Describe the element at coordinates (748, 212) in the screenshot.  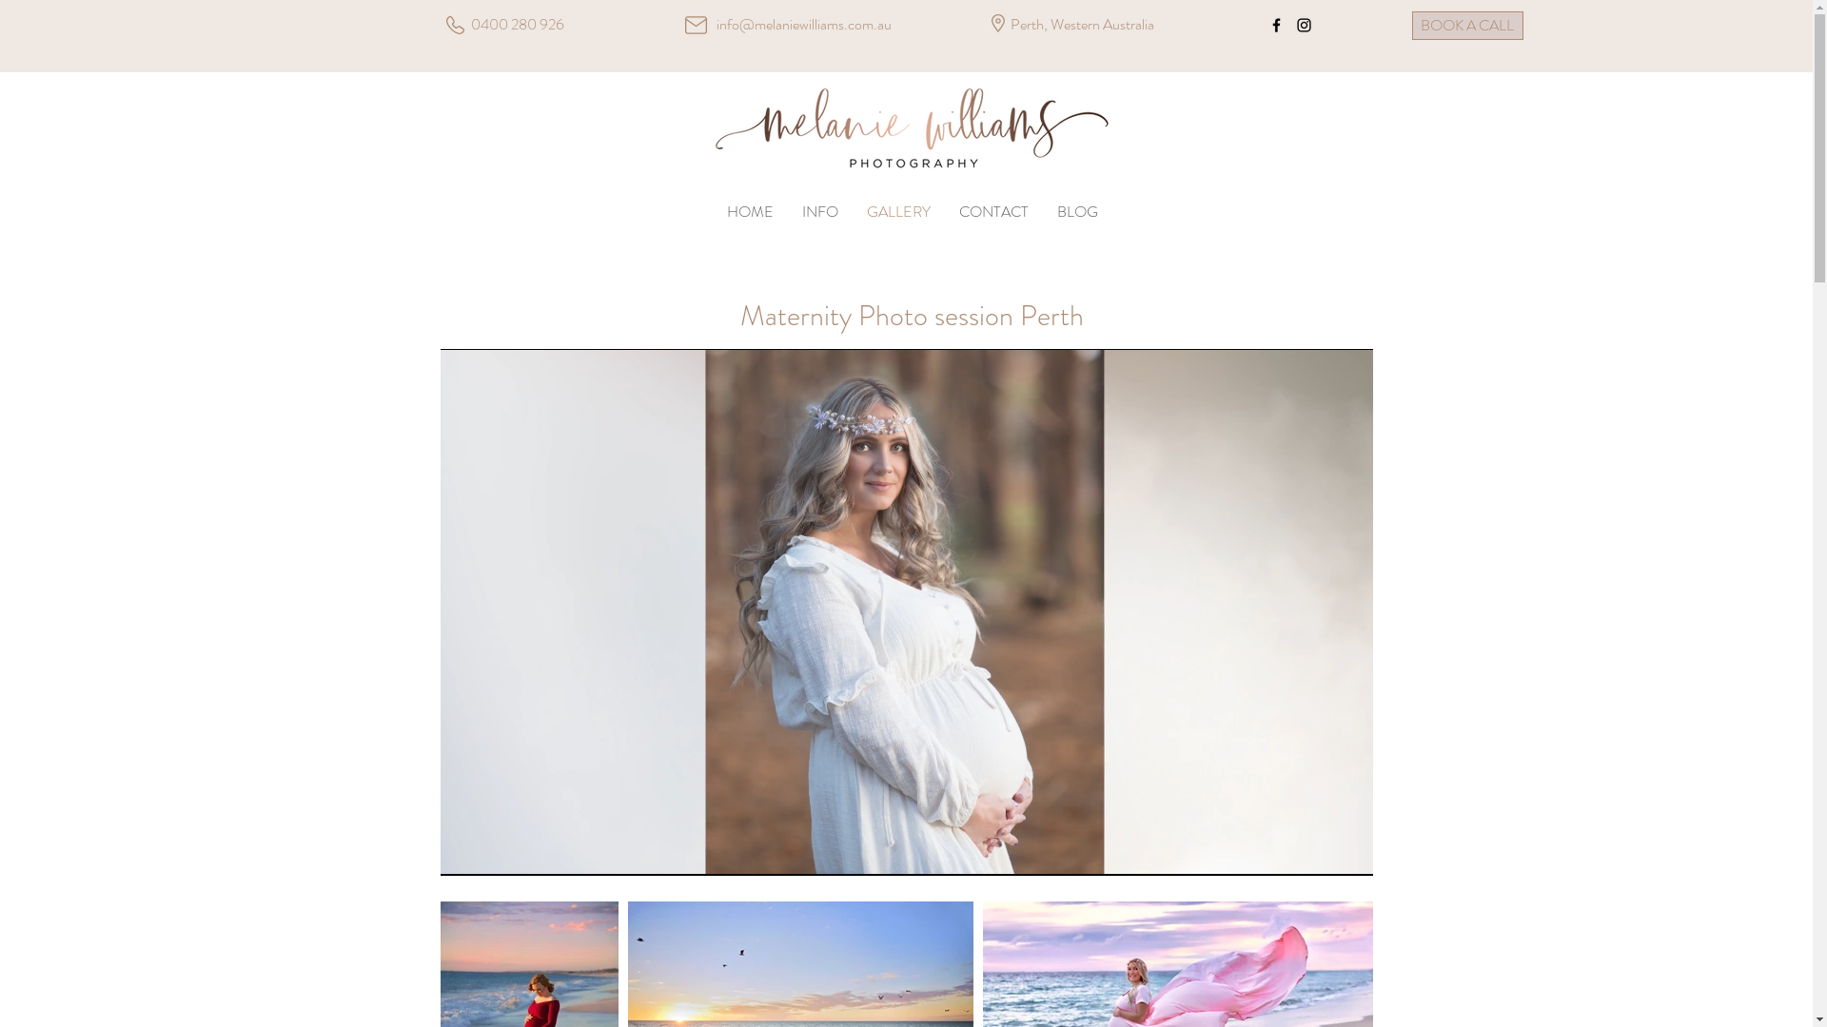
I see `'HOME'` at that location.